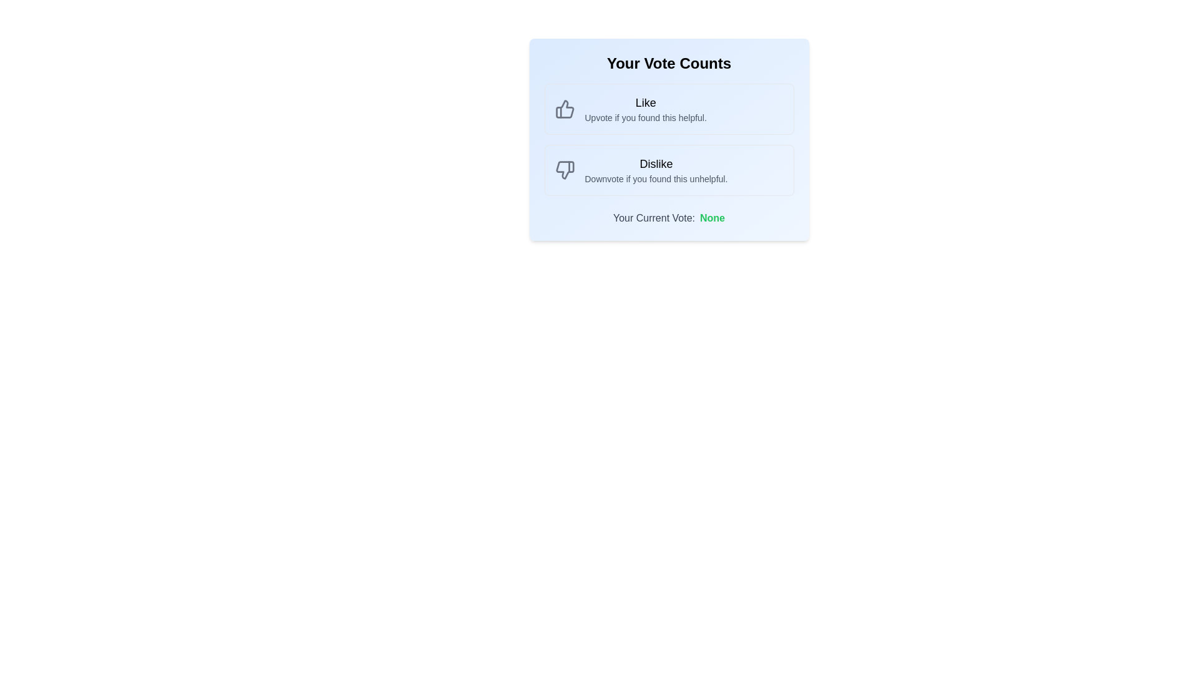 This screenshot has width=1199, height=674. Describe the element at coordinates (564, 108) in the screenshot. I see `the thumbs-up icon located to the left of the text 'Like Upvote if you found this helpful' in the 'Your Vote Counts' panel` at that location.